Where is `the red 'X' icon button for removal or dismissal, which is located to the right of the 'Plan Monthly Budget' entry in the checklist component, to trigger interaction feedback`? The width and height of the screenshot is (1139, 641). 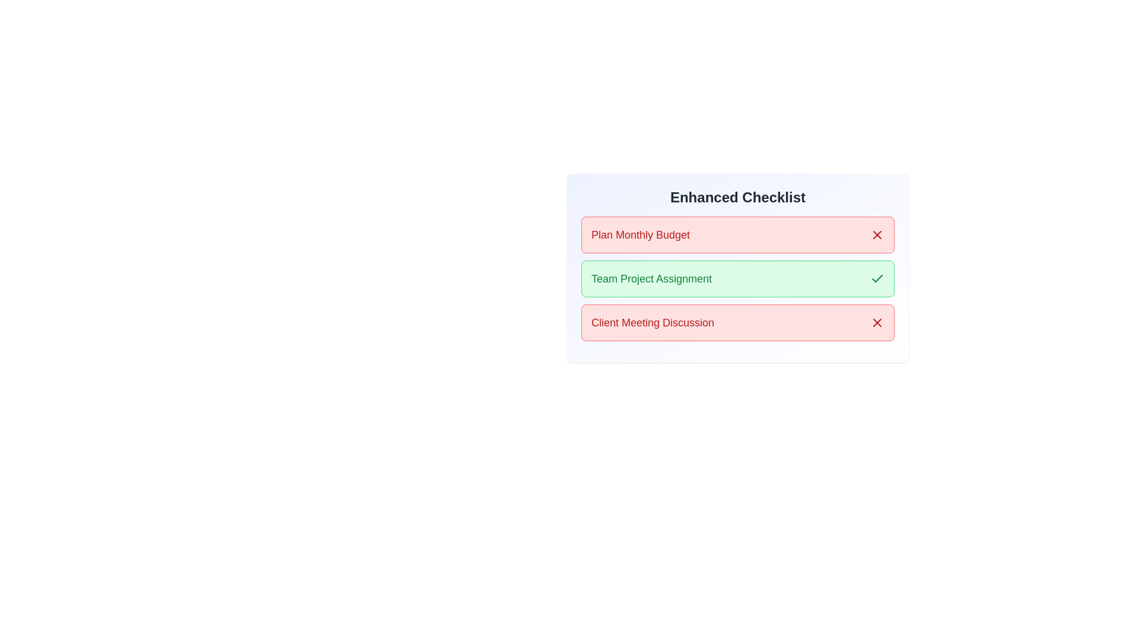
the red 'X' icon button for removal or dismissal, which is located to the right of the 'Plan Monthly Budget' entry in the checklist component, to trigger interaction feedback is located at coordinates (877, 235).